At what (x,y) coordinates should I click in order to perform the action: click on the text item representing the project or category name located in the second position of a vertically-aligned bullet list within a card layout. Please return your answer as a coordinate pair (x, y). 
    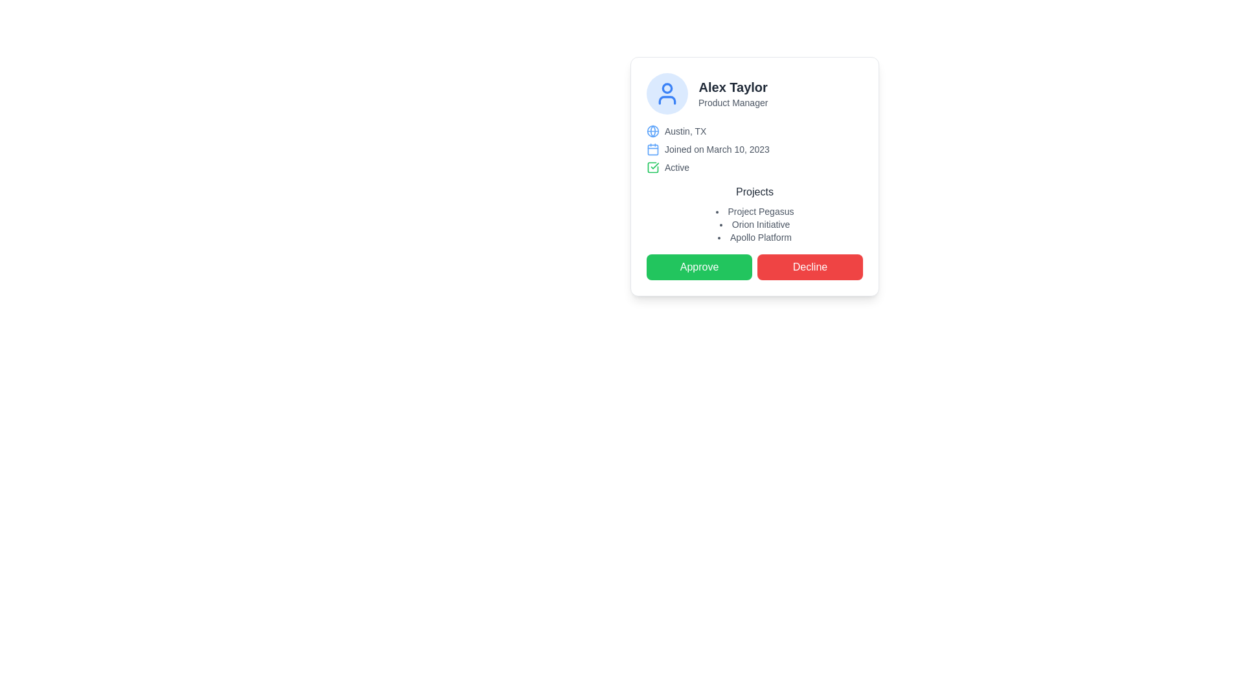
    Looking at the image, I should click on (755, 224).